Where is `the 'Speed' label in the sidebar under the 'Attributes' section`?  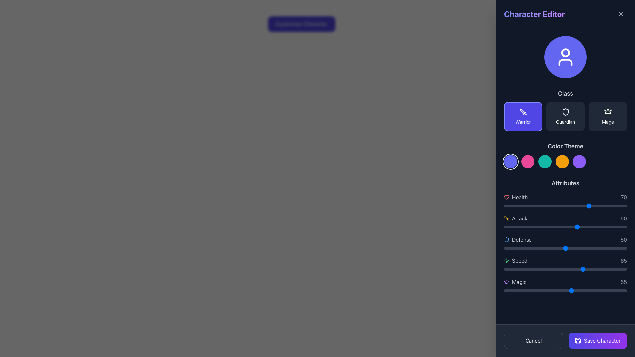 the 'Speed' label in the sidebar under the 'Attributes' section is located at coordinates (519, 260).